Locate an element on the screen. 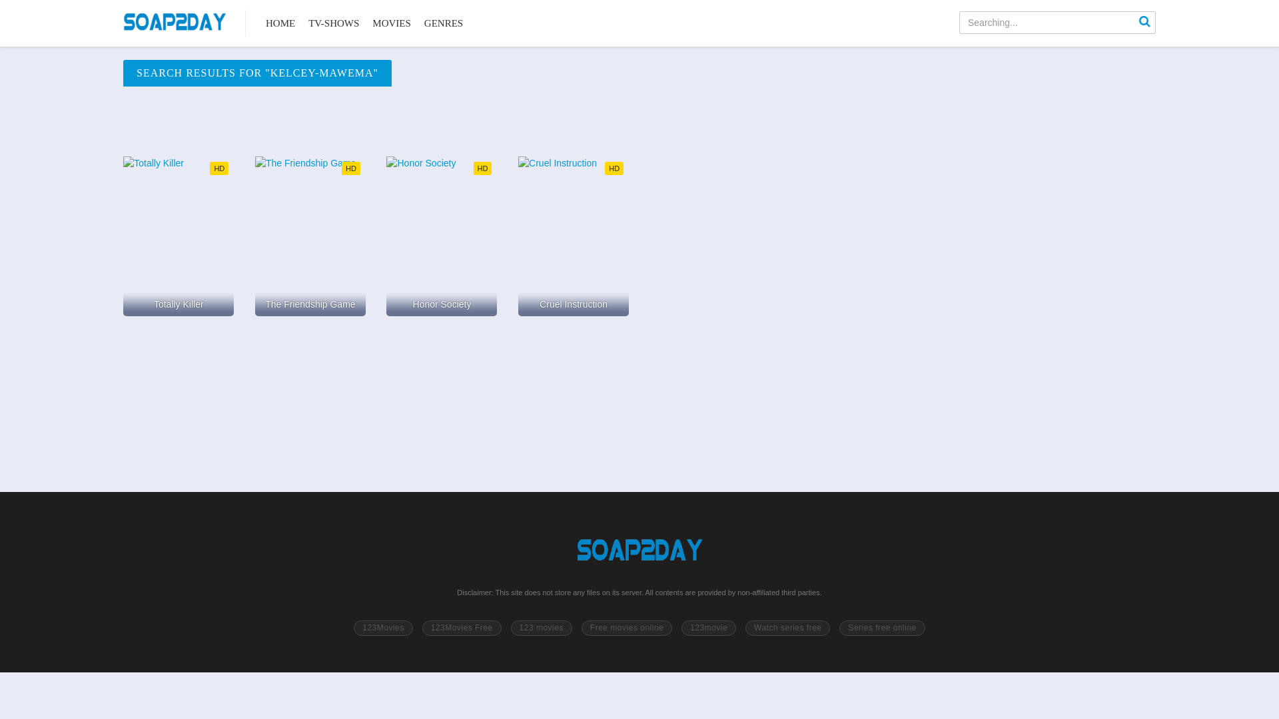 The height and width of the screenshot is (719, 1279). '123Movies' is located at coordinates (382, 628).